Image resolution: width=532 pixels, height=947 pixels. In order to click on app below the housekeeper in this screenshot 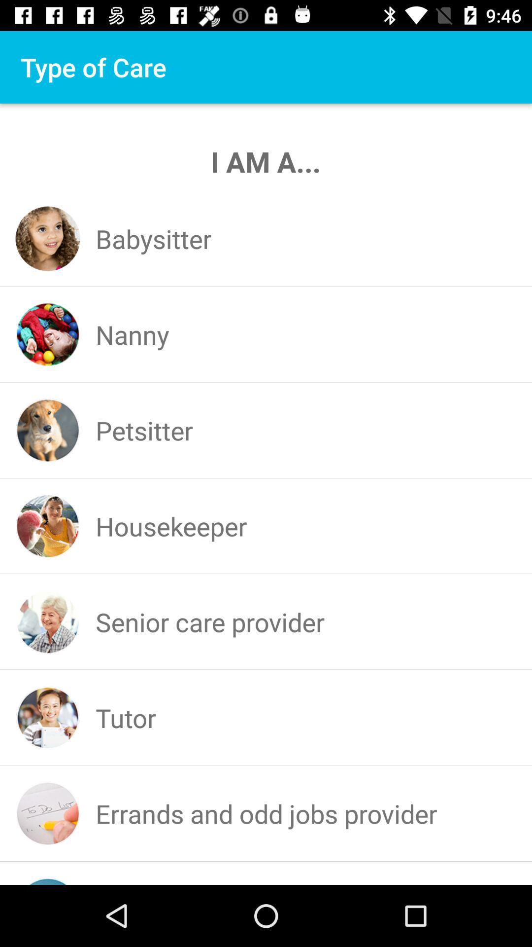, I will do `click(209, 621)`.